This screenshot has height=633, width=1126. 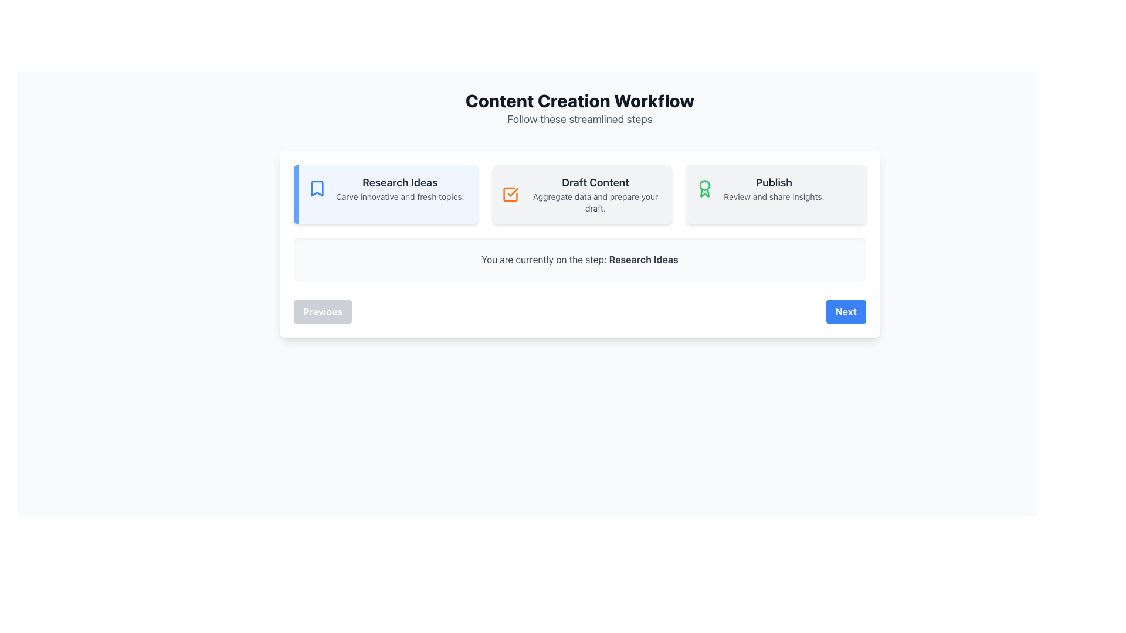 What do you see at coordinates (582, 193) in the screenshot?
I see `the informative Text Label that displays the current workflow step, located in the middle of a three-column layout, centrally aligned in the interface` at bounding box center [582, 193].